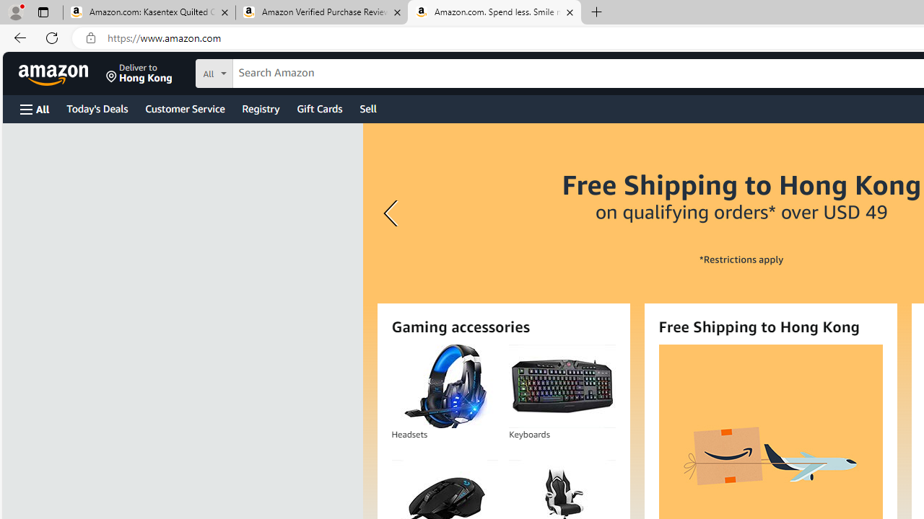 This screenshot has height=519, width=924. I want to click on 'Registry', so click(260, 107).